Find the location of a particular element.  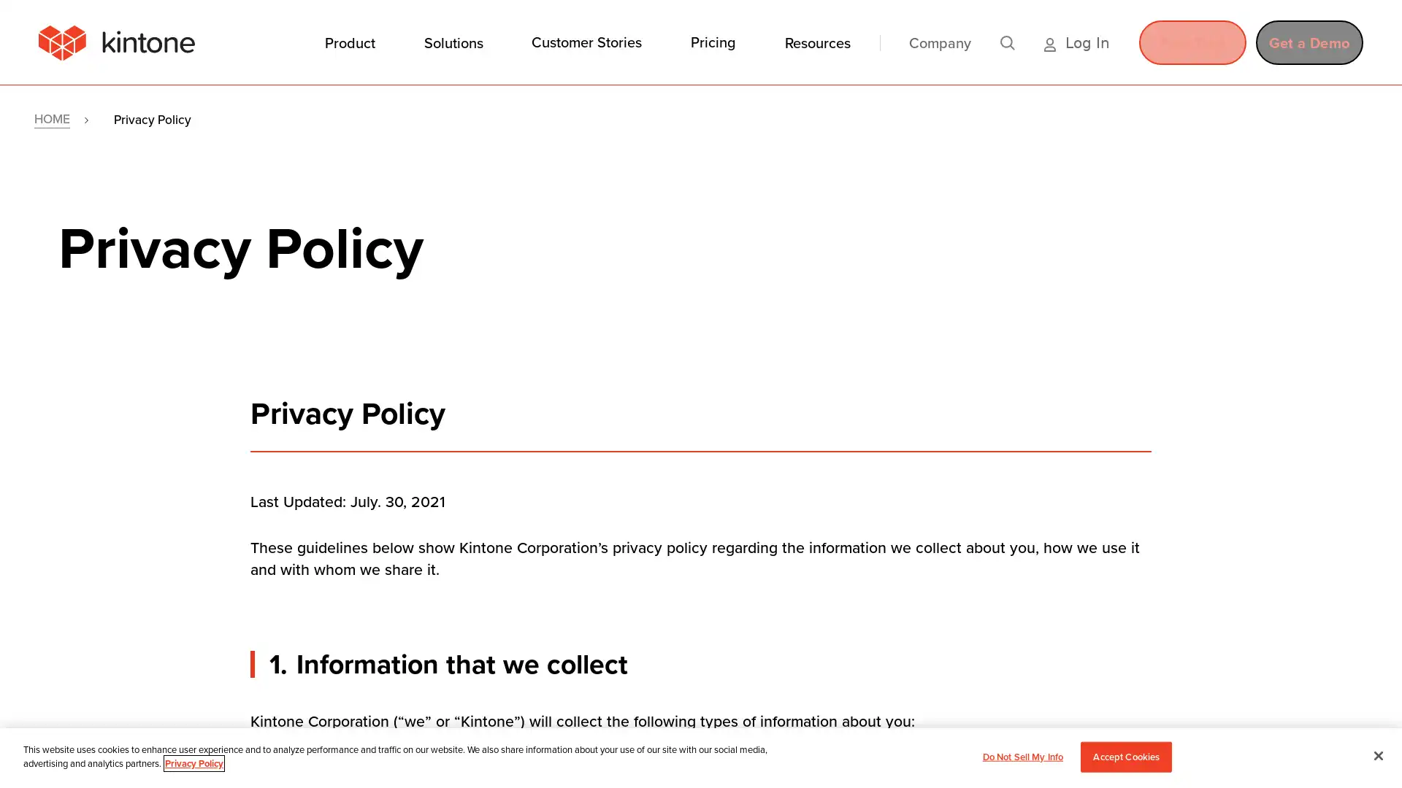

Accept Cookies is located at coordinates (1125, 756).